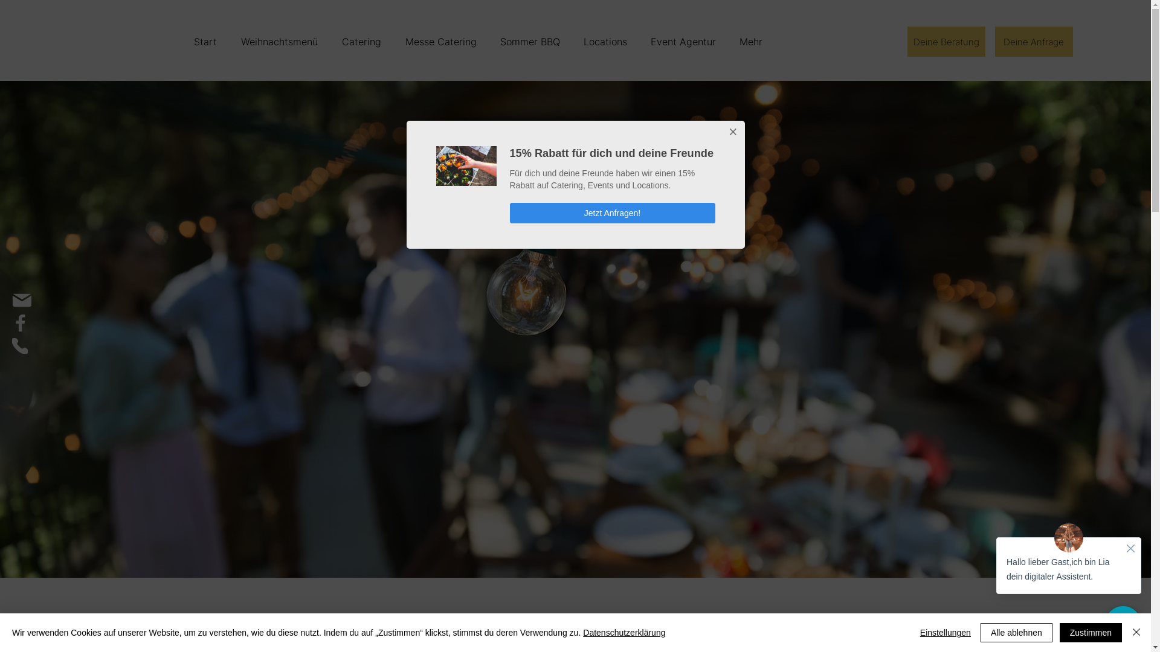 The height and width of the screenshot is (652, 1160). What do you see at coordinates (946, 41) in the screenshot?
I see `'Deine Beratung'` at bounding box center [946, 41].